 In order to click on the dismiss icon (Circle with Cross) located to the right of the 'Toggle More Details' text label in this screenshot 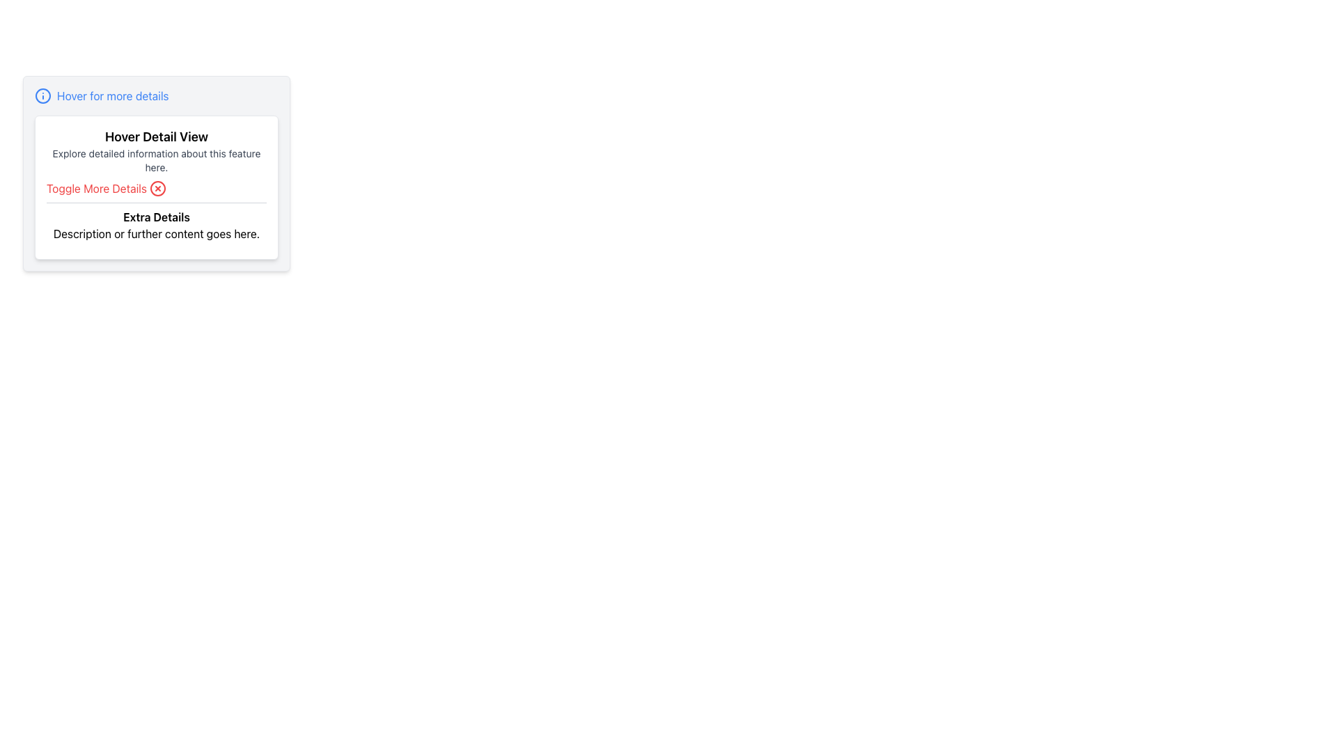, I will do `click(157, 188)`.